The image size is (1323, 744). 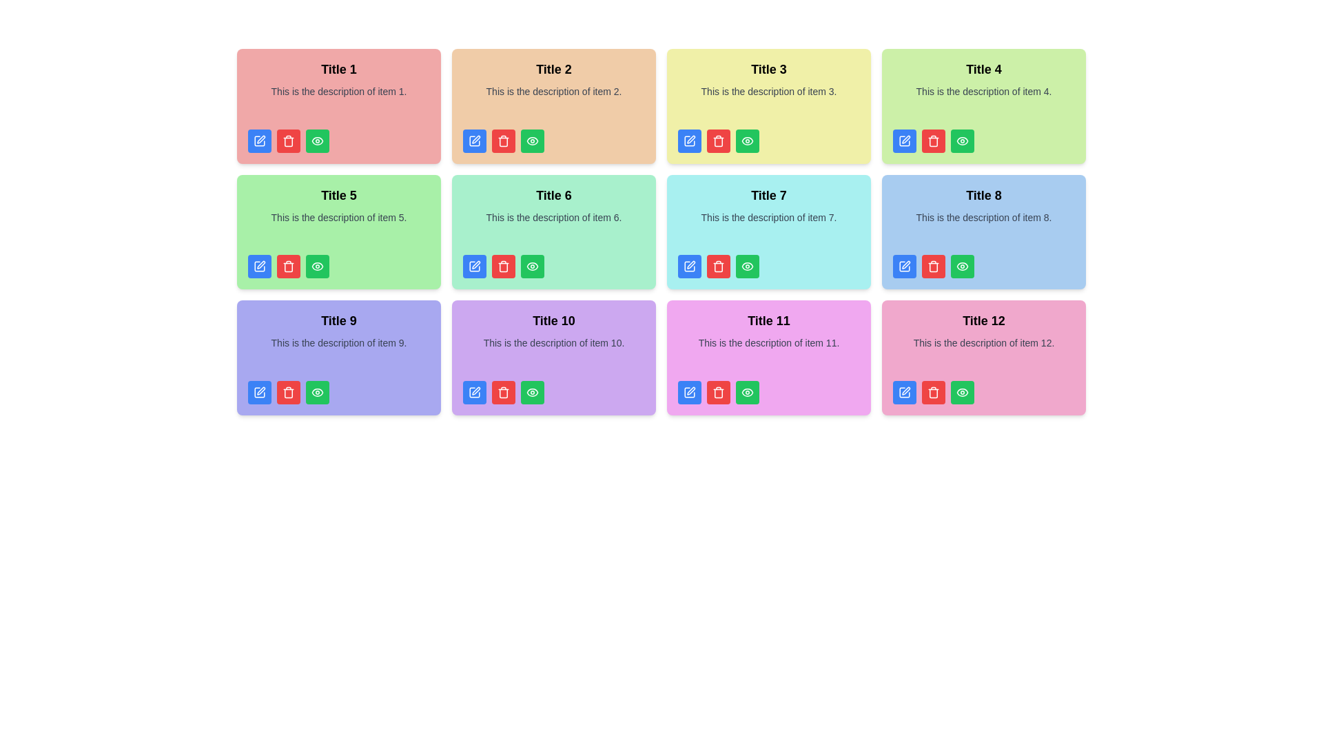 What do you see at coordinates (531, 392) in the screenshot?
I see `the outer elliptical shape of the visibility toggle icon in the 'Title 10' widget` at bounding box center [531, 392].